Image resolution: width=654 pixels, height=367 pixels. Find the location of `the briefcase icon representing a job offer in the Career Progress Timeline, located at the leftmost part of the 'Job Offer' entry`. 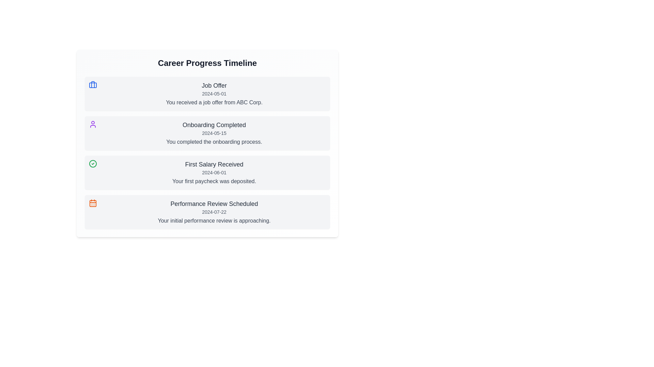

the briefcase icon representing a job offer in the Career Progress Timeline, located at the leftmost part of the 'Job Offer' entry is located at coordinates (93, 85).